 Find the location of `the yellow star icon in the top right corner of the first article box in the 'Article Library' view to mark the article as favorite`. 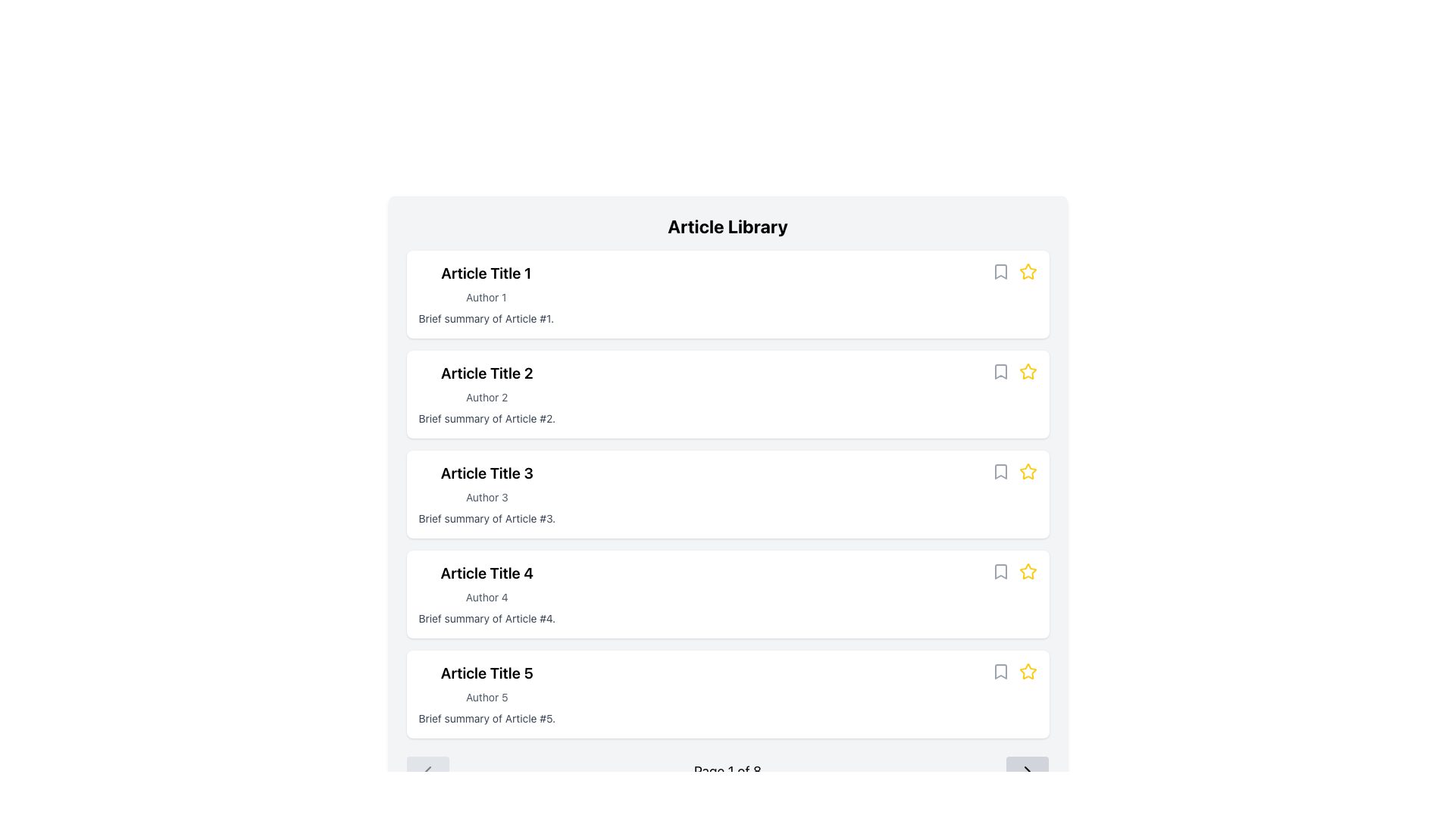

the yellow star icon in the top right corner of the first article box in the 'Article Library' view to mark the article as favorite is located at coordinates (1014, 270).